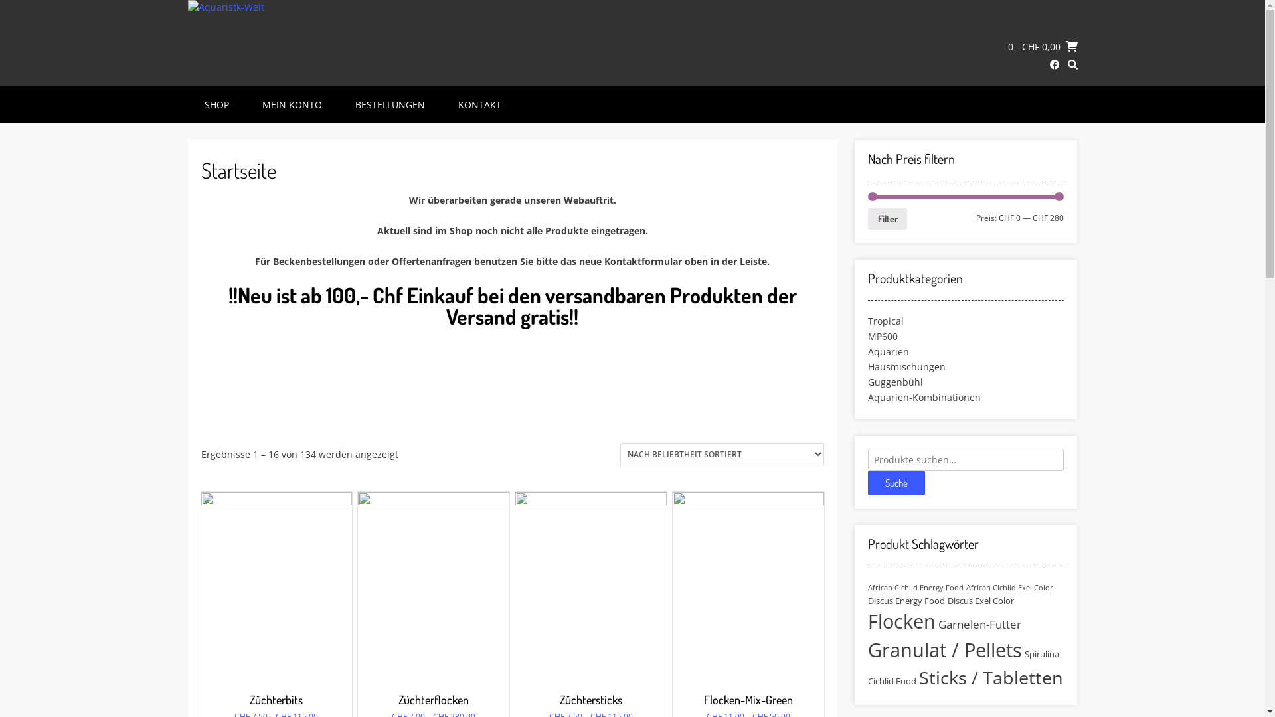 This screenshot has width=1275, height=717. Describe the element at coordinates (944, 649) in the screenshot. I see `'Granulat / Pellets'` at that location.